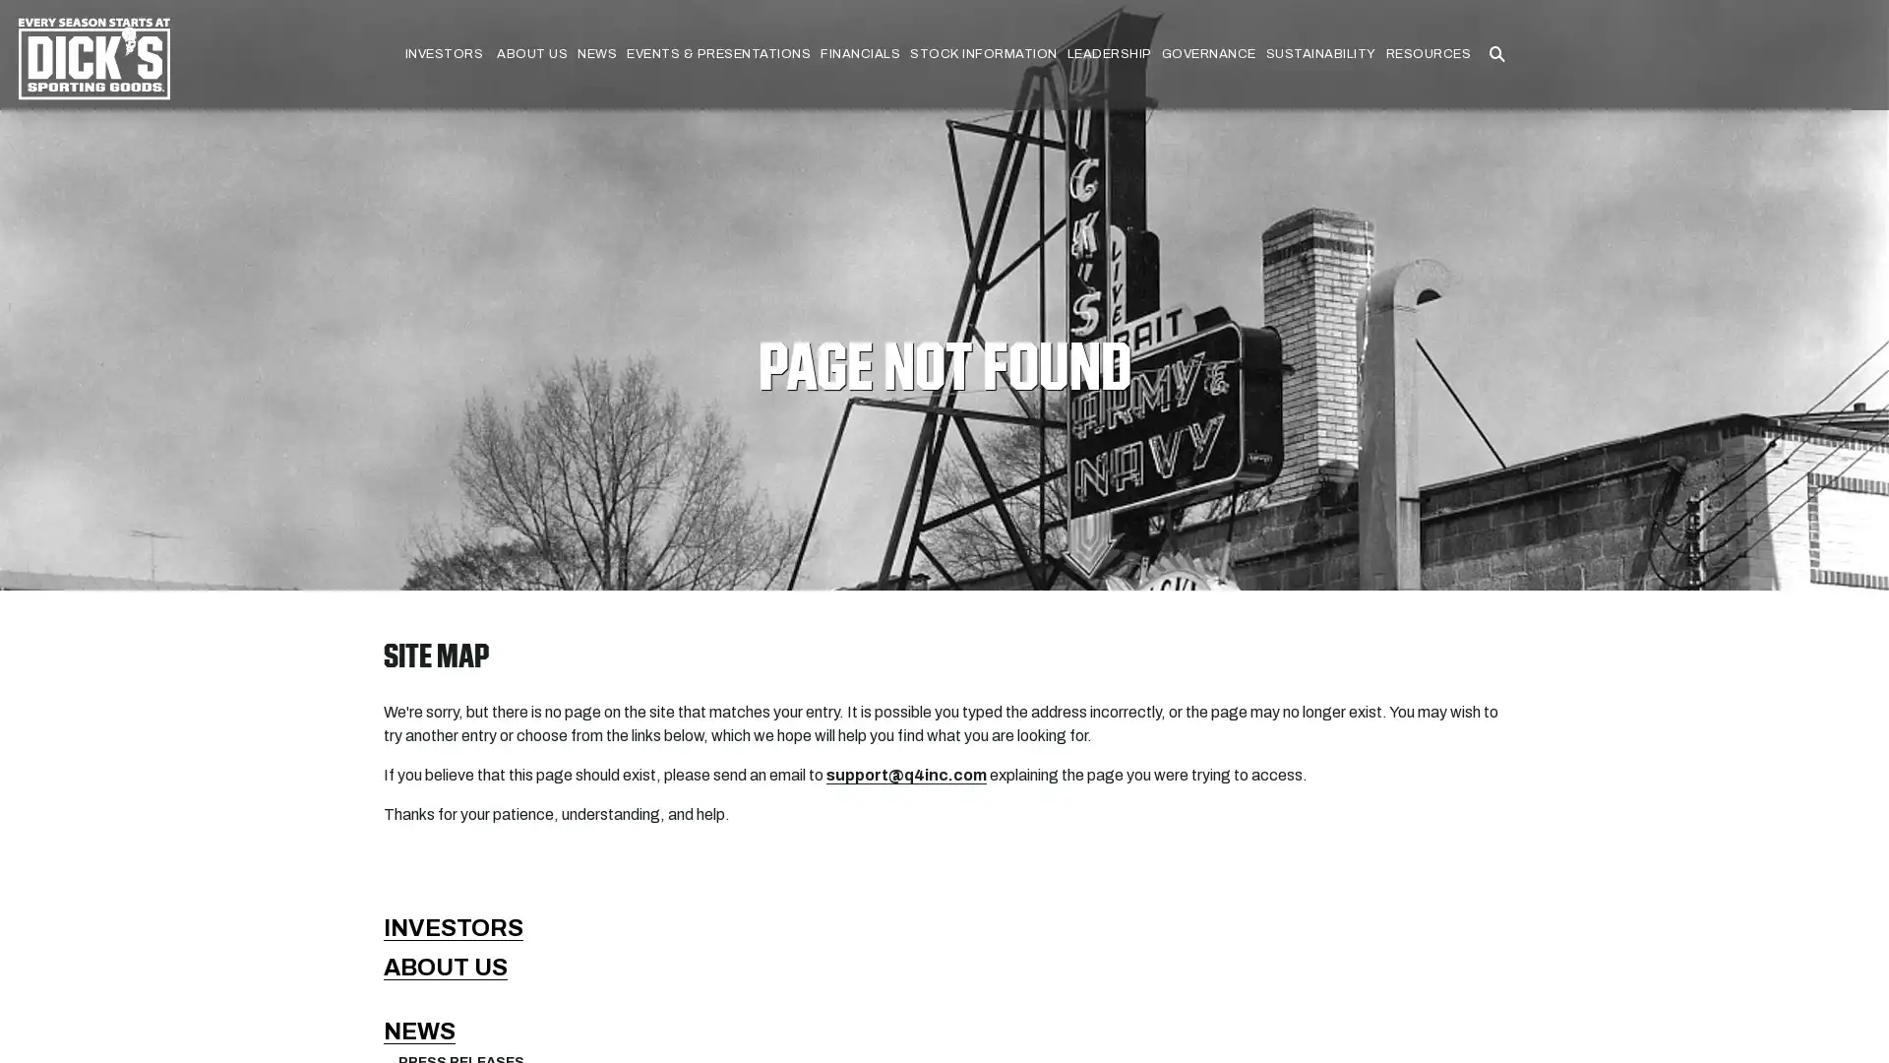 The image size is (1889, 1063). Describe the element at coordinates (1495, 54) in the screenshot. I see `toggle search` at that location.